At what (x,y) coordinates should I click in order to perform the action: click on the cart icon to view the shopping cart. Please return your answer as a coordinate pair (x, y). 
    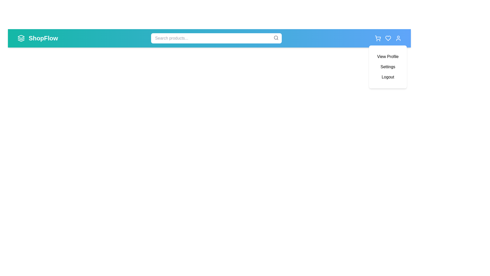
    Looking at the image, I should click on (378, 38).